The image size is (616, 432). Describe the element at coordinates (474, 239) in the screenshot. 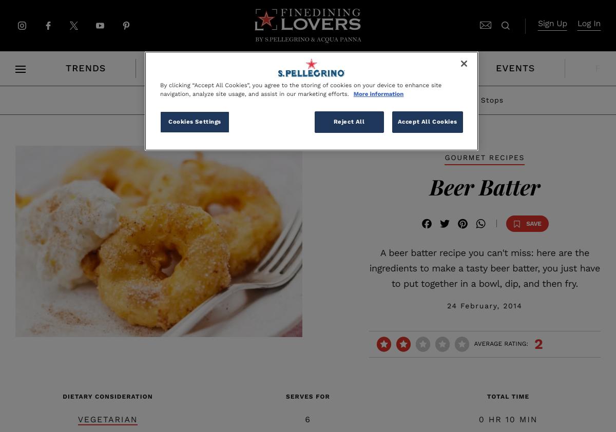

I see `'WhatsApp'` at that location.